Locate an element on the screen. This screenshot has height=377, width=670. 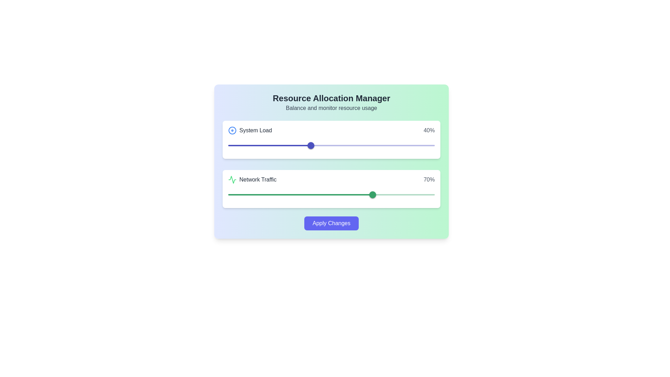
the slider is located at coordinates (305, 145).